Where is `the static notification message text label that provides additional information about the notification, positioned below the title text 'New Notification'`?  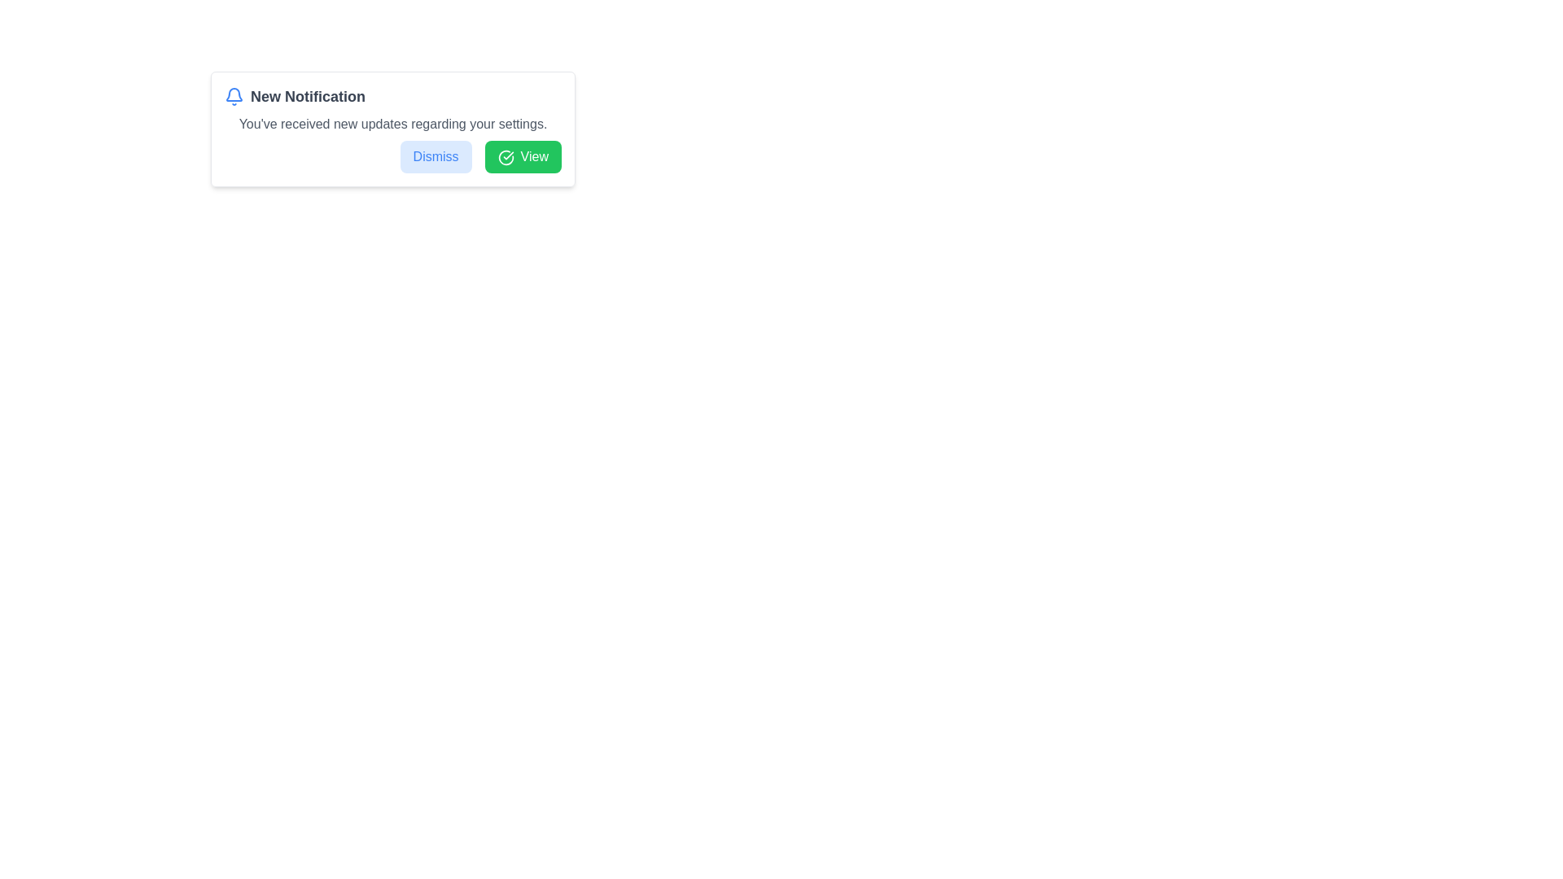 the static notification message text label that provides additional information about the notification, positioned below the title text 'New Notification' is located at coordinates (393, 124).